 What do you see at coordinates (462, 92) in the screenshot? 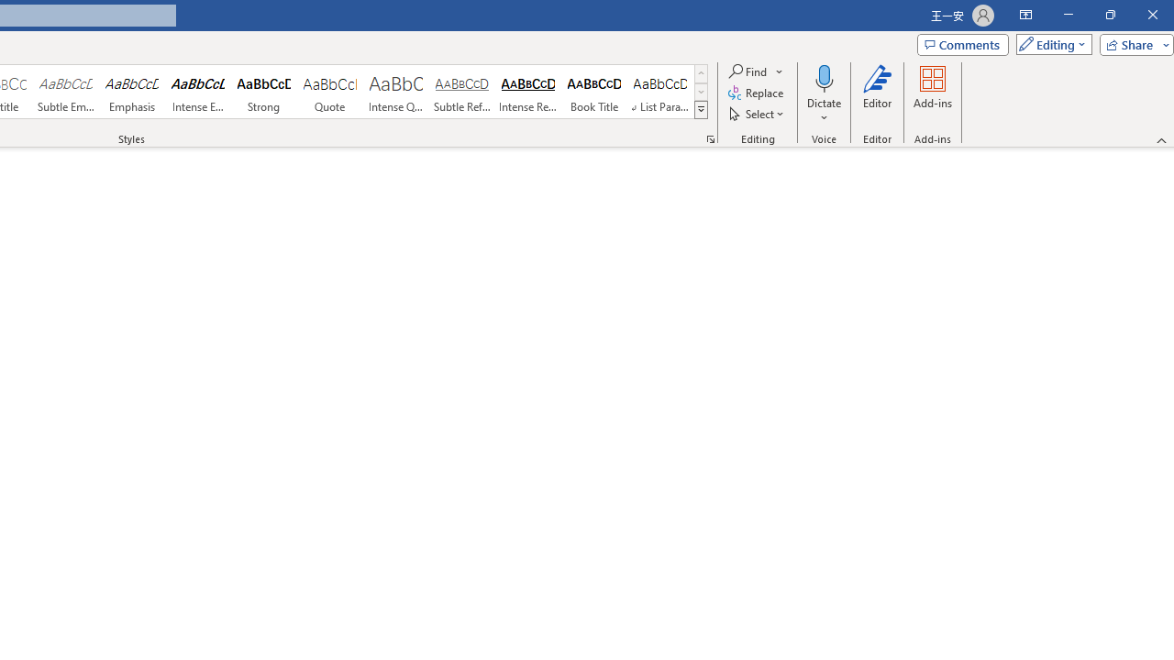
I see `'Subtle Reference'` at bounding box center [462, 92].